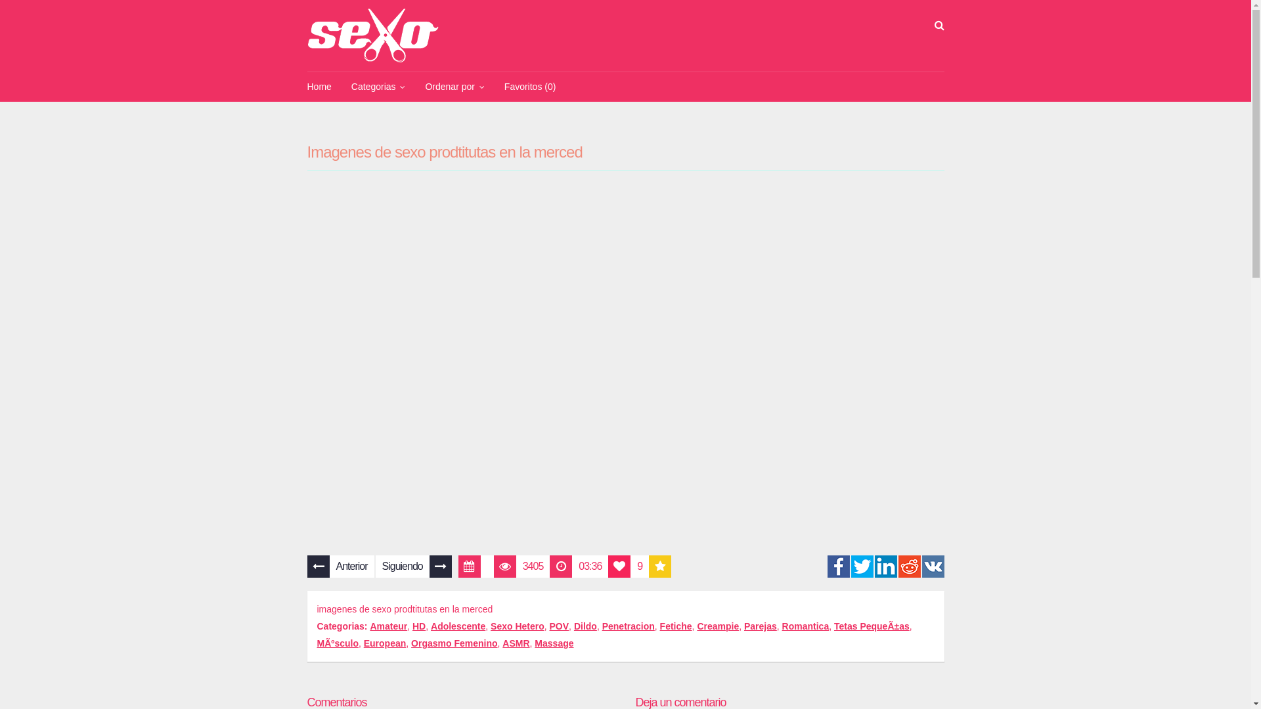 The width and height of the screenshot is (1261, 709). I want to click on 'HD', so click(418, 625).